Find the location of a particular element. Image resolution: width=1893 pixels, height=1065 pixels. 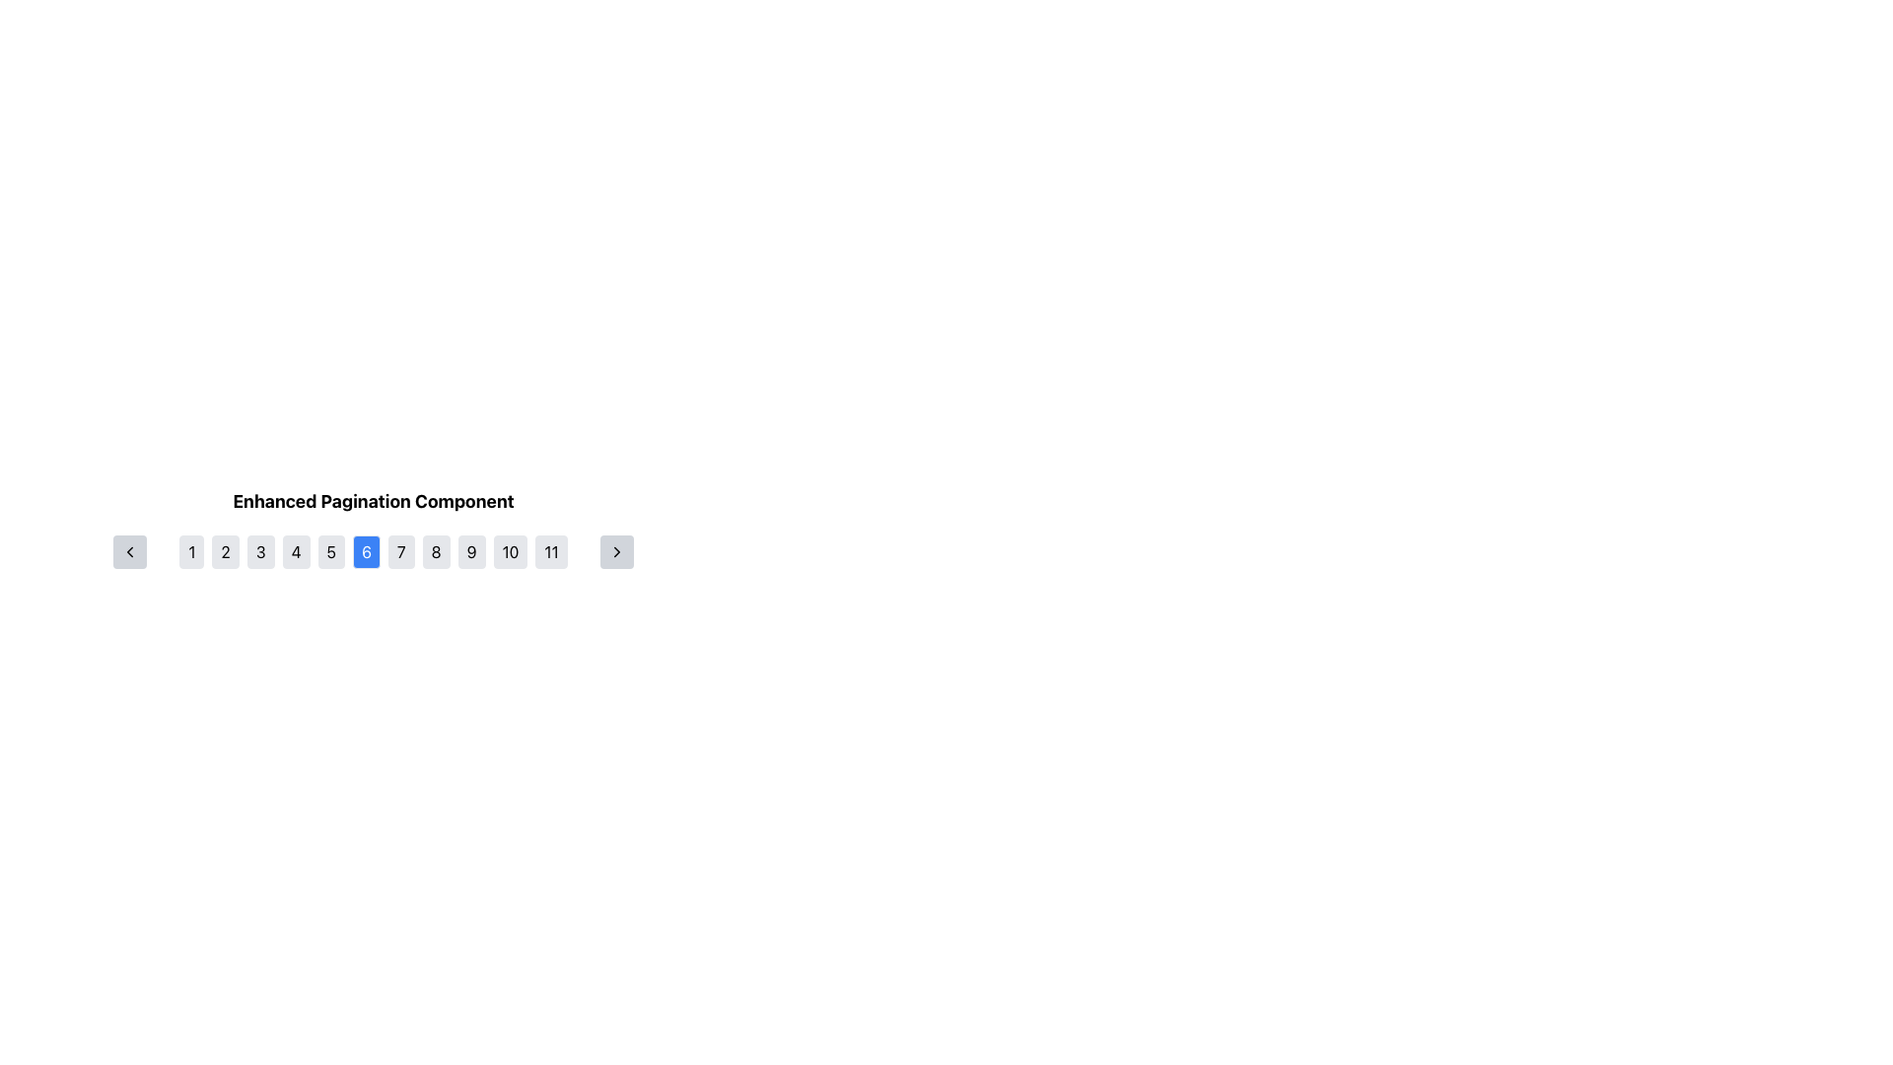

the button labeled '9' with a light gray background and black number at its center is located at coordinates (470, 551).